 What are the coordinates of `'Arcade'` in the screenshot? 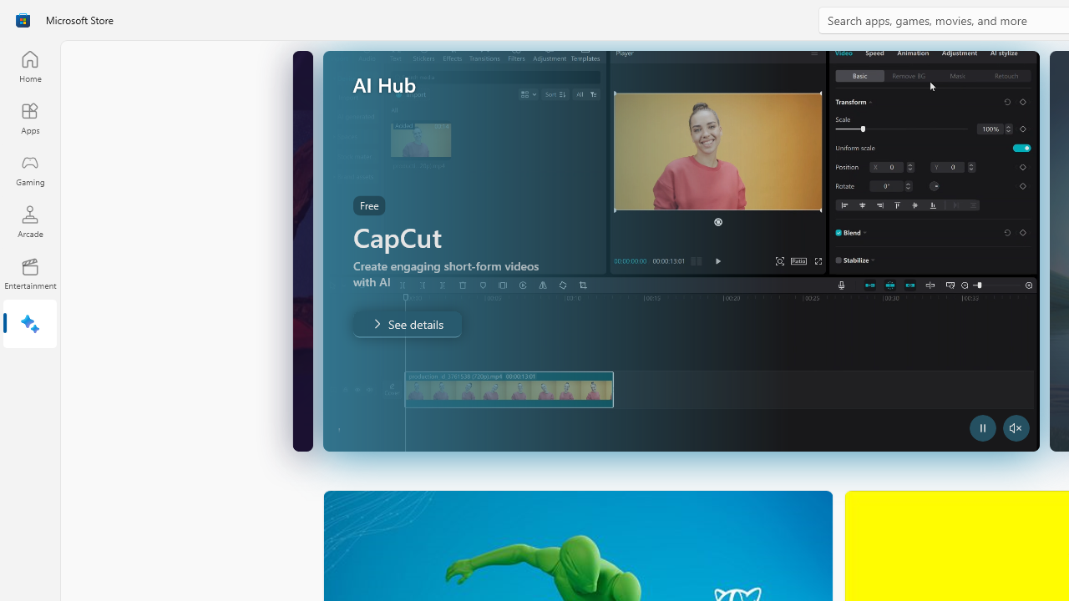 It's located at (29, 220).